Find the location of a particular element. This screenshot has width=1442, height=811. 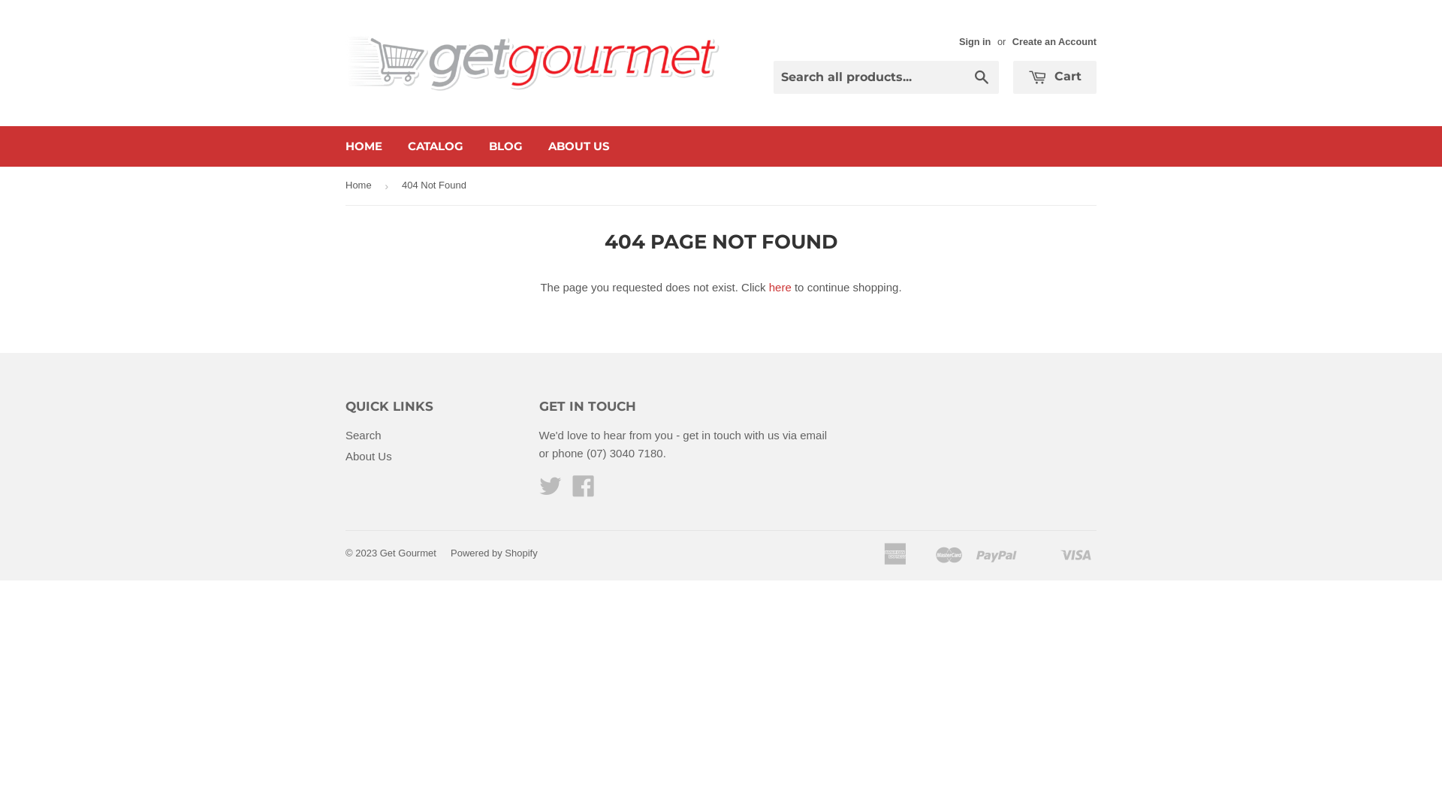

'email' is located at coordinates (813, 435).